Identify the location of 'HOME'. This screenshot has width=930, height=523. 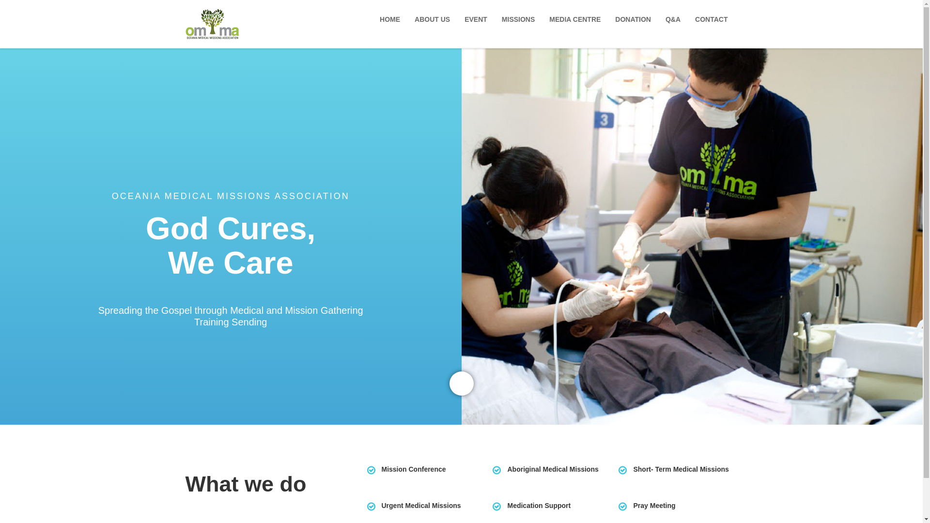
(392, 19).